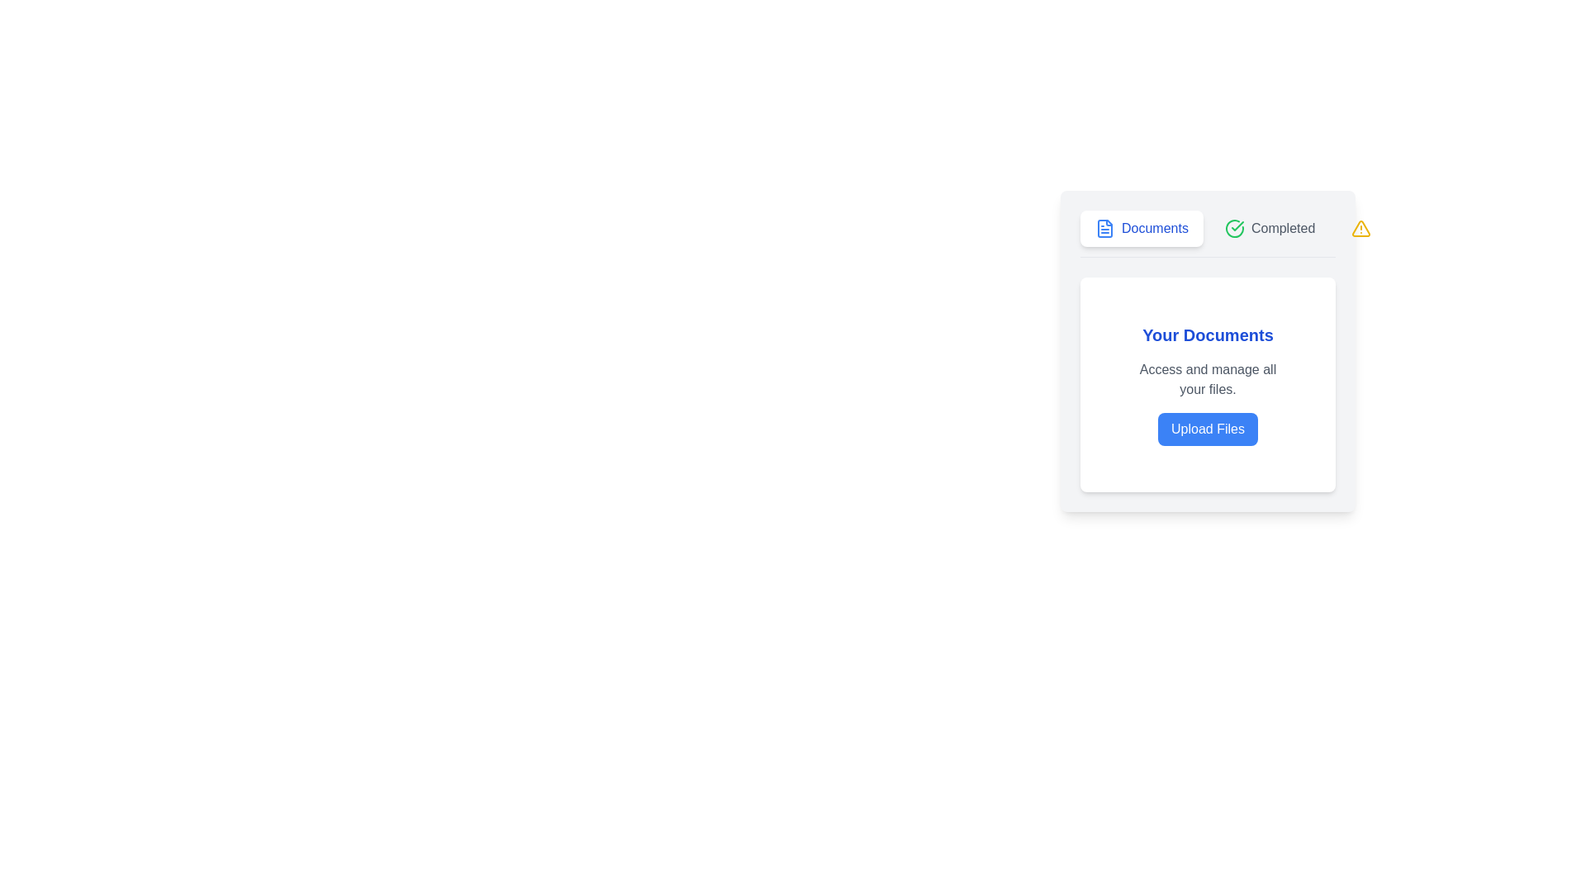 Image resolution: width=1586 pixels, height=892 pixels. I want to click on the status represented by the checkmark icon located within the 'Completed' tab of the card-like UI component, so click(1237, 225).